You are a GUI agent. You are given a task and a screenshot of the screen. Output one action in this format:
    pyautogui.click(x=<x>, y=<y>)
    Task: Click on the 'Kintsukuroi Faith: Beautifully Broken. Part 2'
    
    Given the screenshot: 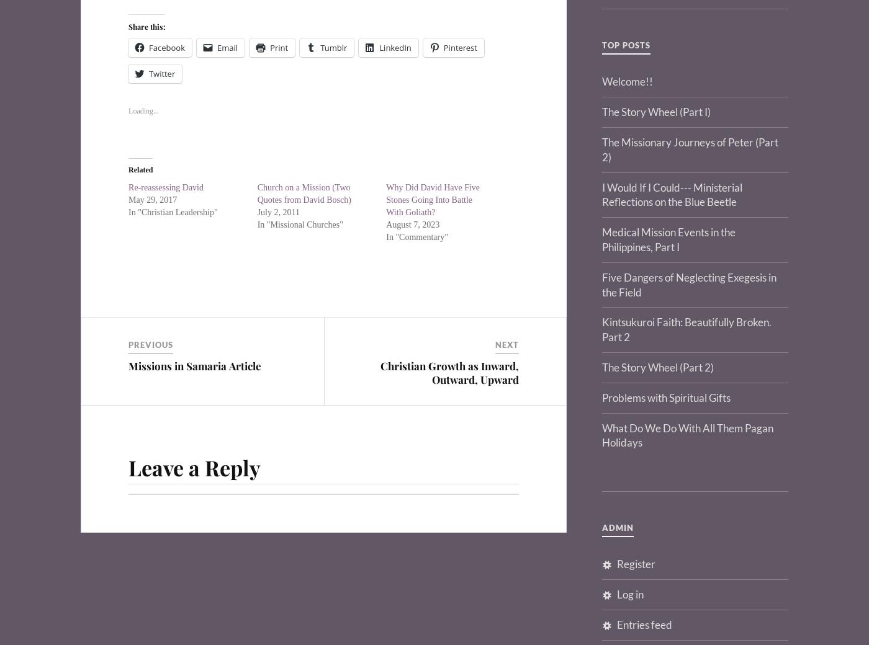 What is the action you would take?
    pyautogui.click(x=687, y=329)
    